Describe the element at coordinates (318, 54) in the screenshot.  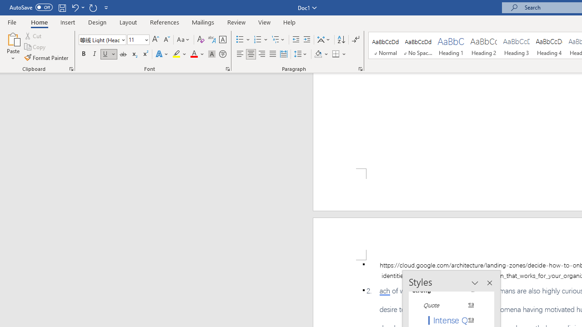
I see `'Shading RGB(0, 0, 0)'` at that location.